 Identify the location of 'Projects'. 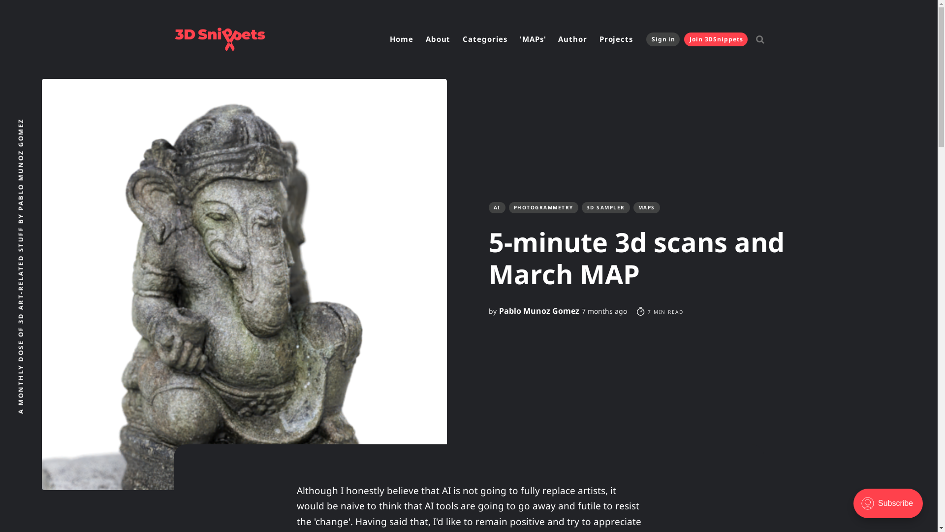
(594, 39).